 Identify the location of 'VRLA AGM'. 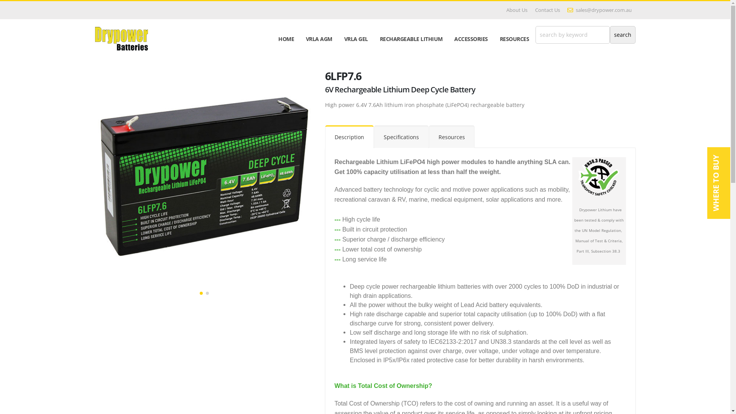
(319, 39).